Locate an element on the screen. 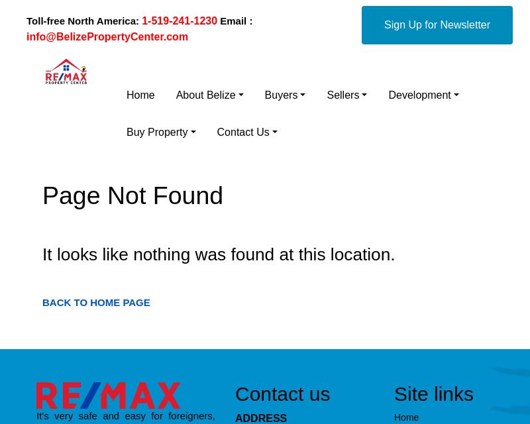 The image size is (530, 424). 'Toll-free North America:' is located at coordinates (26, 21).